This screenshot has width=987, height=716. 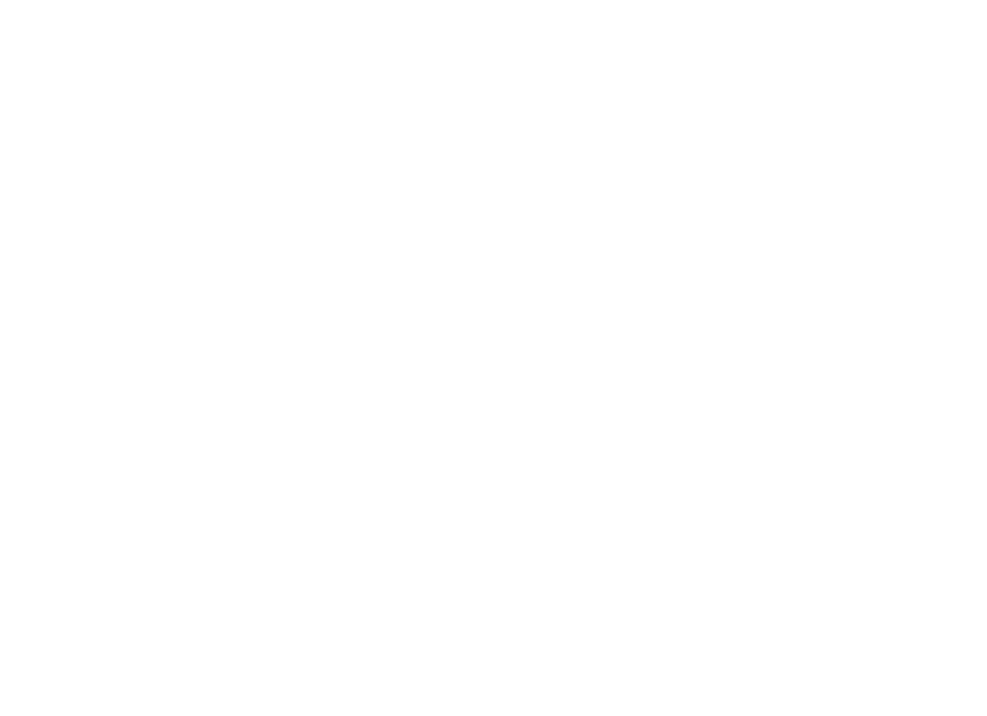 What do you see at coordinates (804, 556) in the screenshot?
I see `'RSS'` at bounding box center [804, 556].